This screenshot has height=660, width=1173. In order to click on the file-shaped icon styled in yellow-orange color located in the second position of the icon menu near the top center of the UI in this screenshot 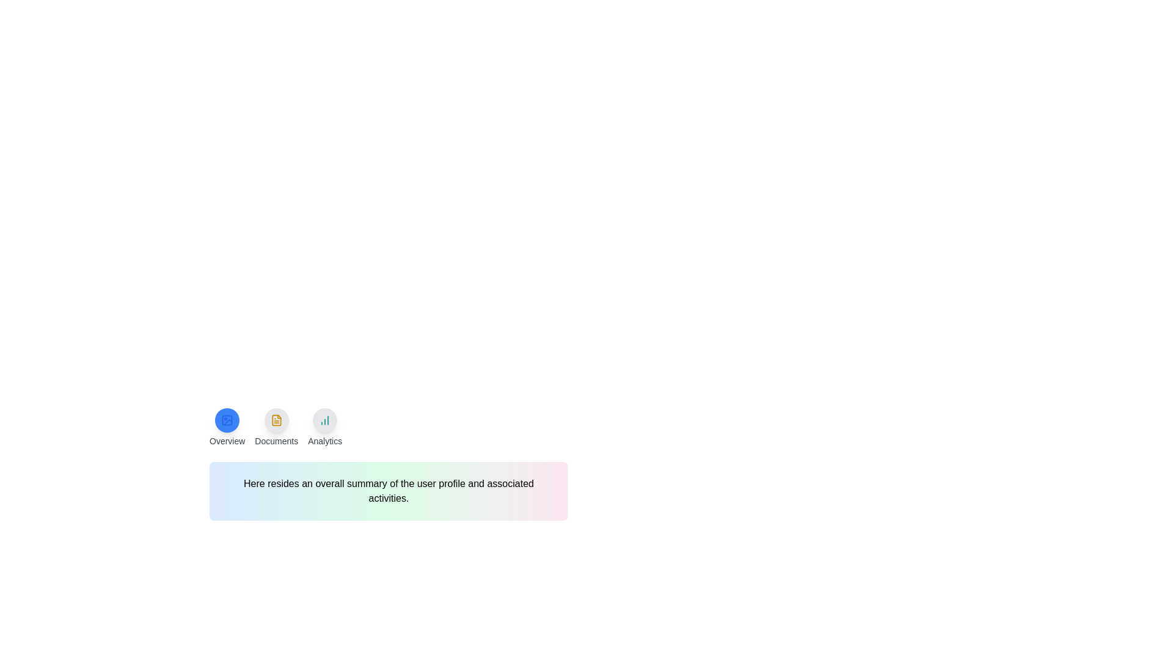, I will do `click(276, 419)`.